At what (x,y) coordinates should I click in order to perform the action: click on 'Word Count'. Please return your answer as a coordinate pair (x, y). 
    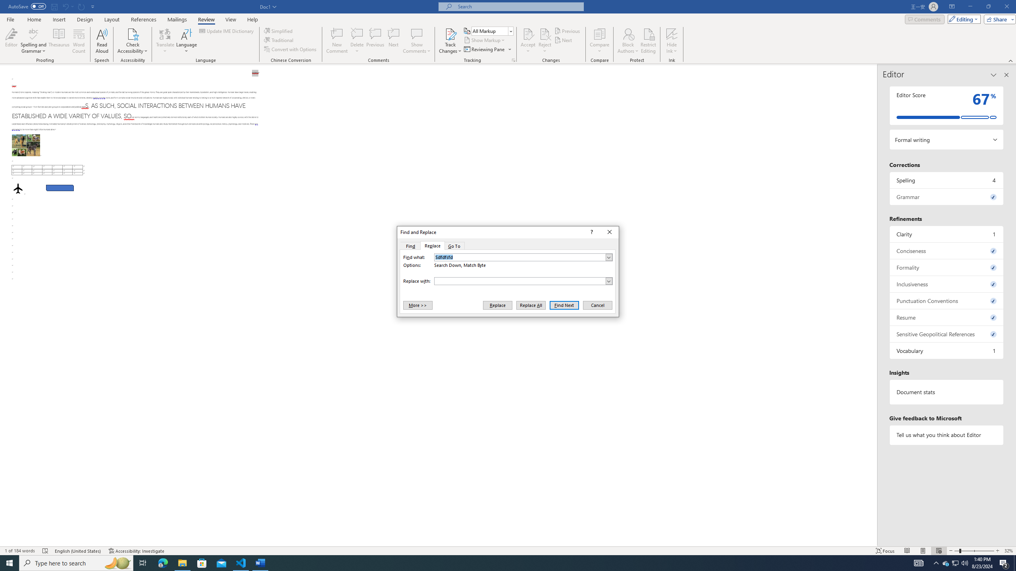
    Looking at the image, I should click on (79, 41).